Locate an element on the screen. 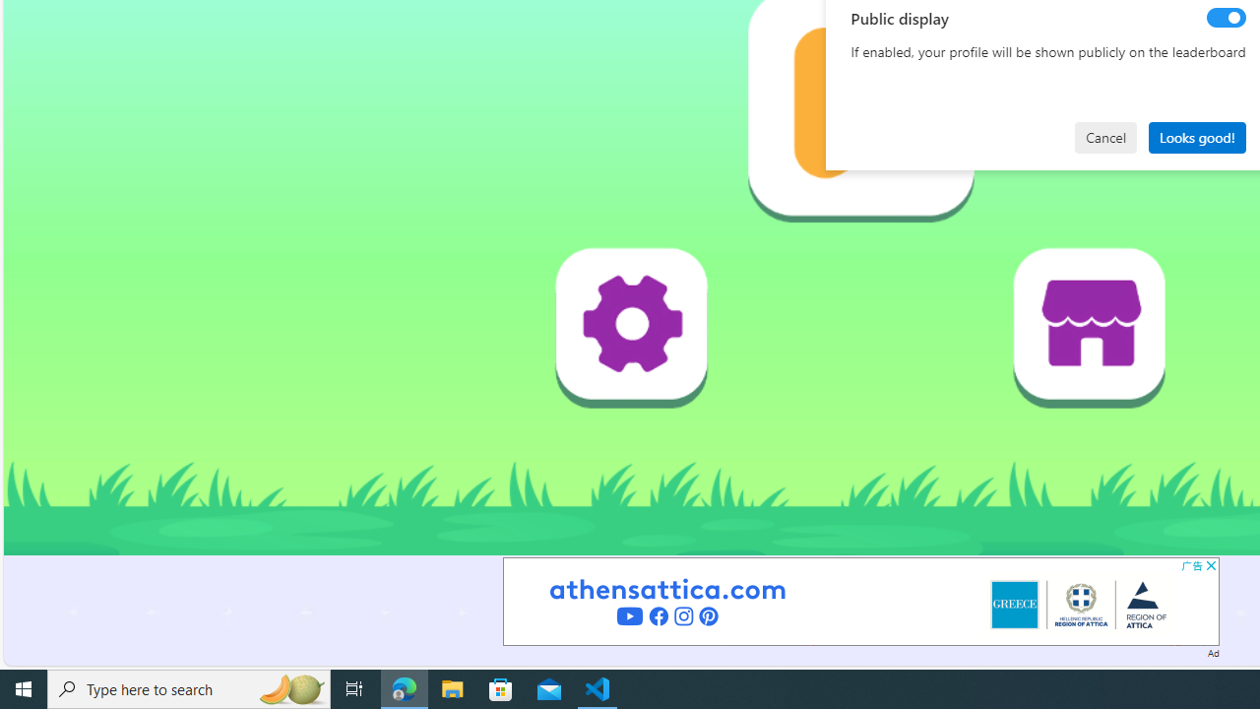 This screenshot has width=1260, height=709. 'Search highlights icon opens search home window' is located at coordinates (289, 687).